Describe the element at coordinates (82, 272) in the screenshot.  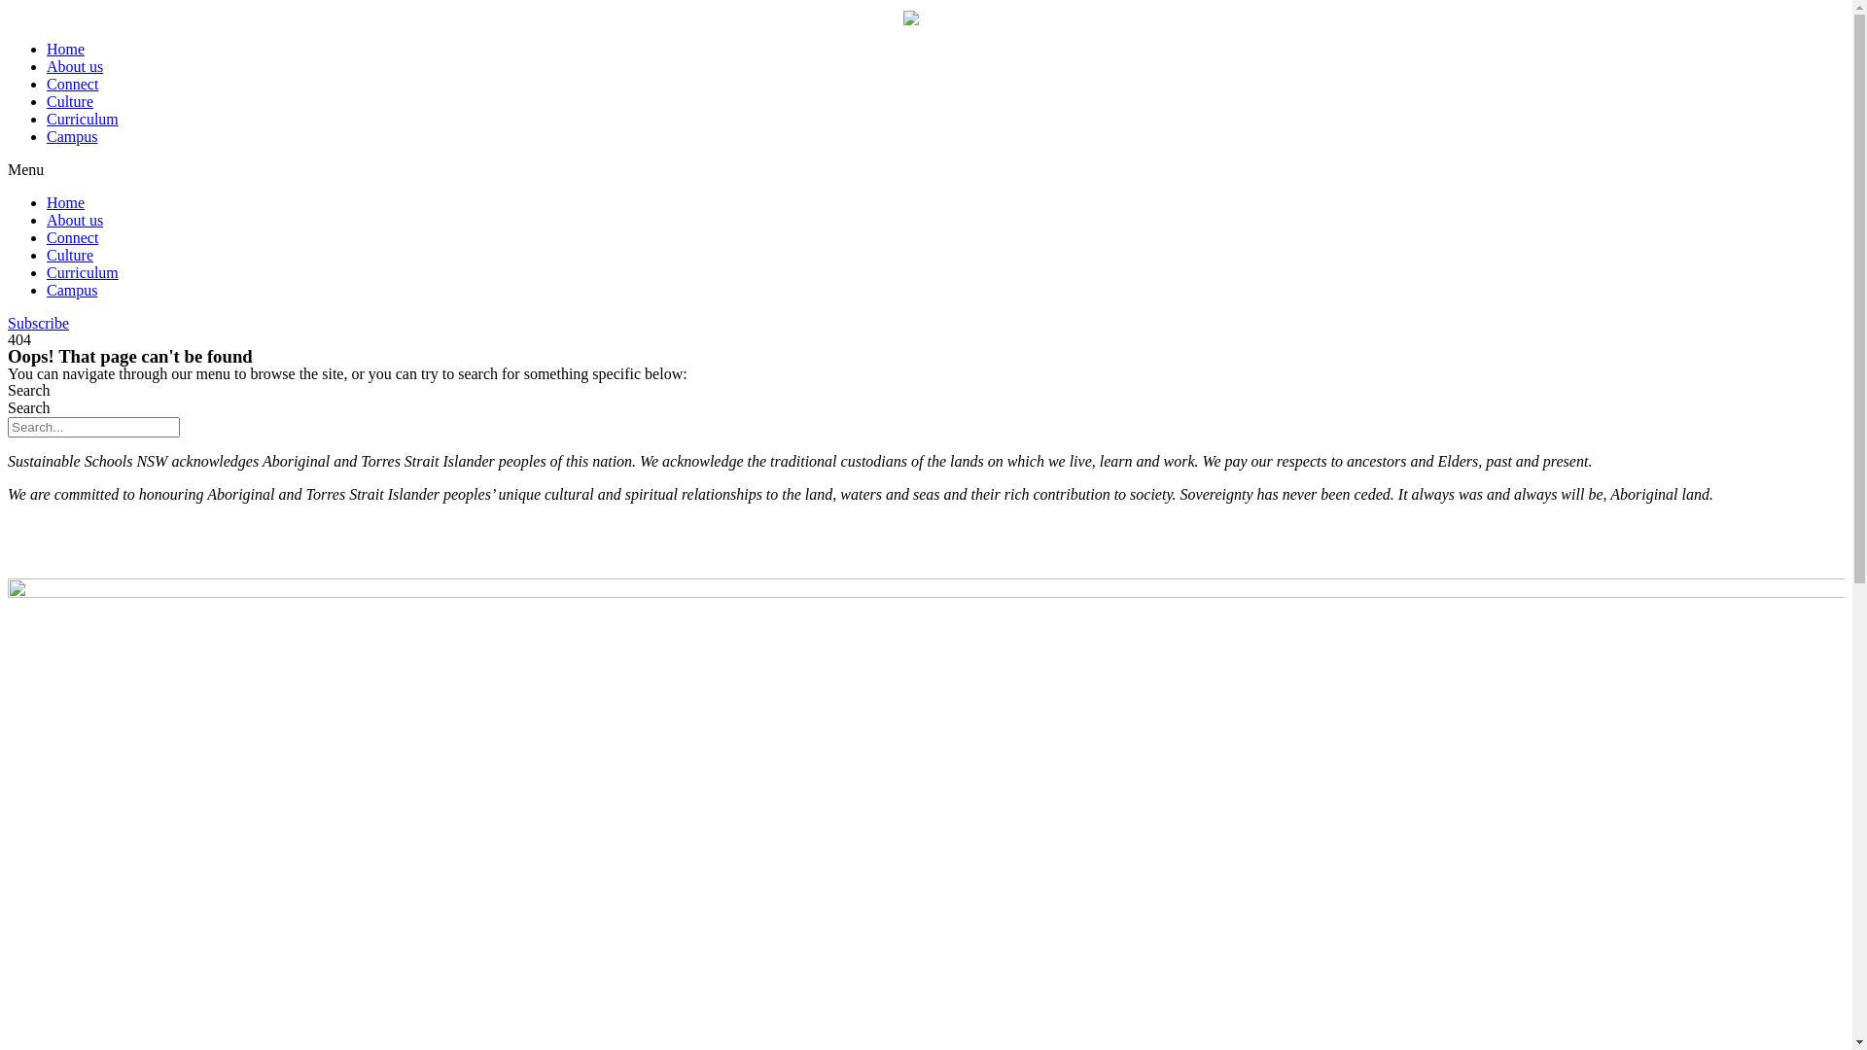
I see `'Curriculum'` at that location.